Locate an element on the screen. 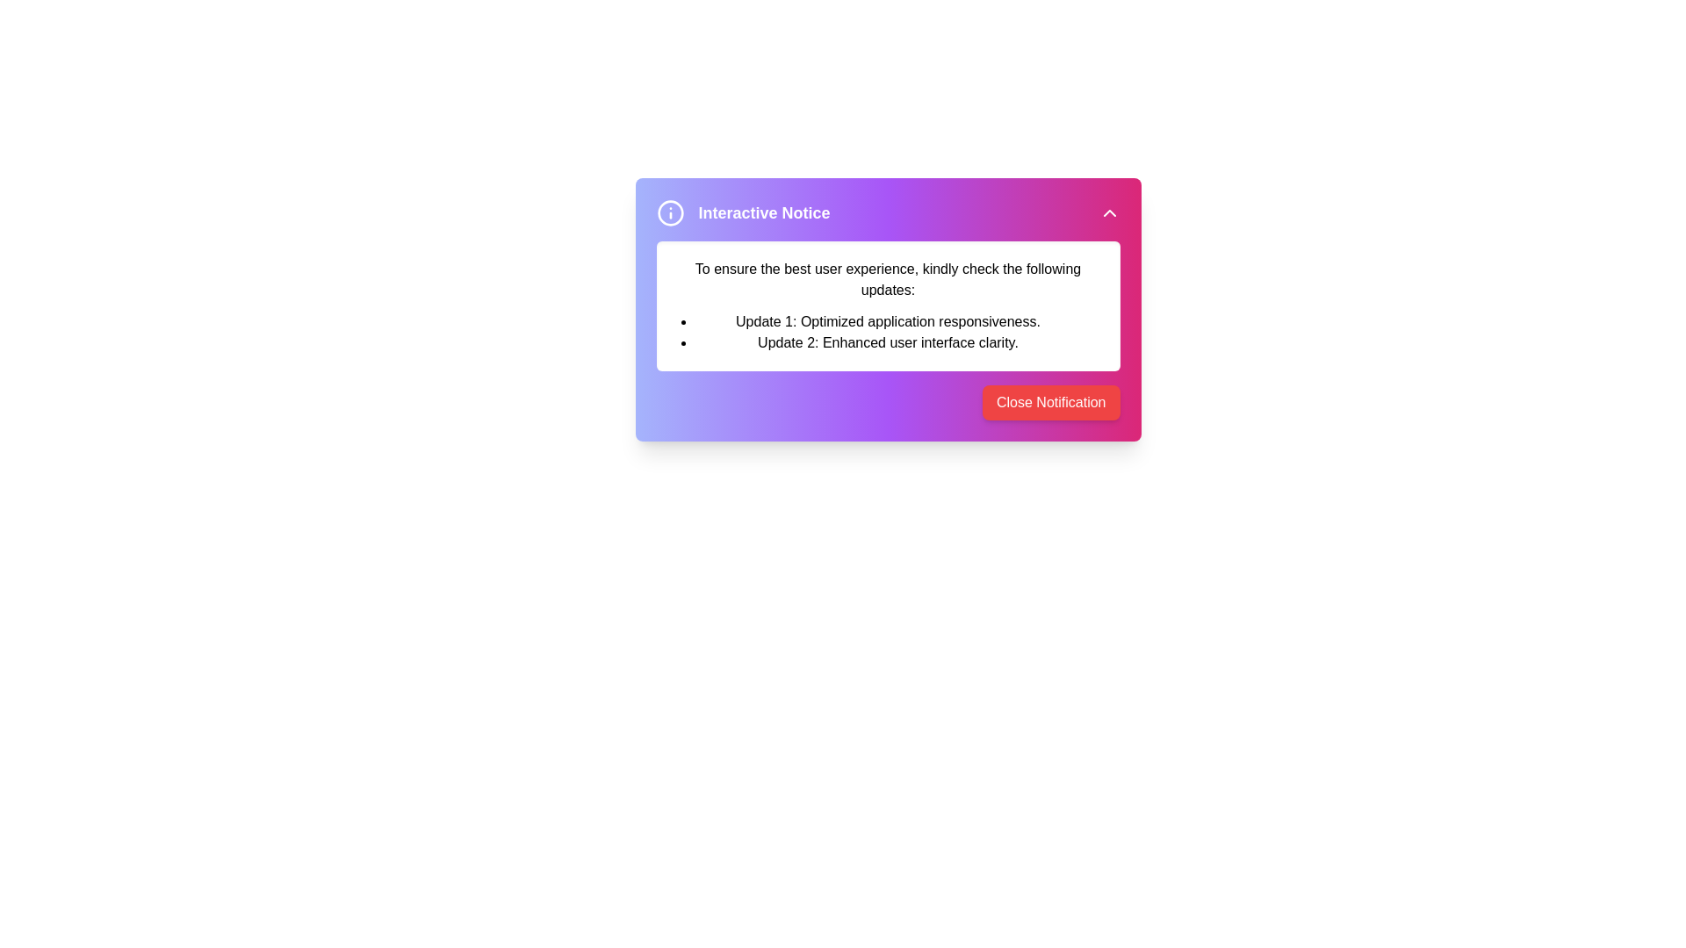 This screenshot has width=1686, height=948. the 'Close Notification' button to close the notification is located at coordinates (1051, 403).